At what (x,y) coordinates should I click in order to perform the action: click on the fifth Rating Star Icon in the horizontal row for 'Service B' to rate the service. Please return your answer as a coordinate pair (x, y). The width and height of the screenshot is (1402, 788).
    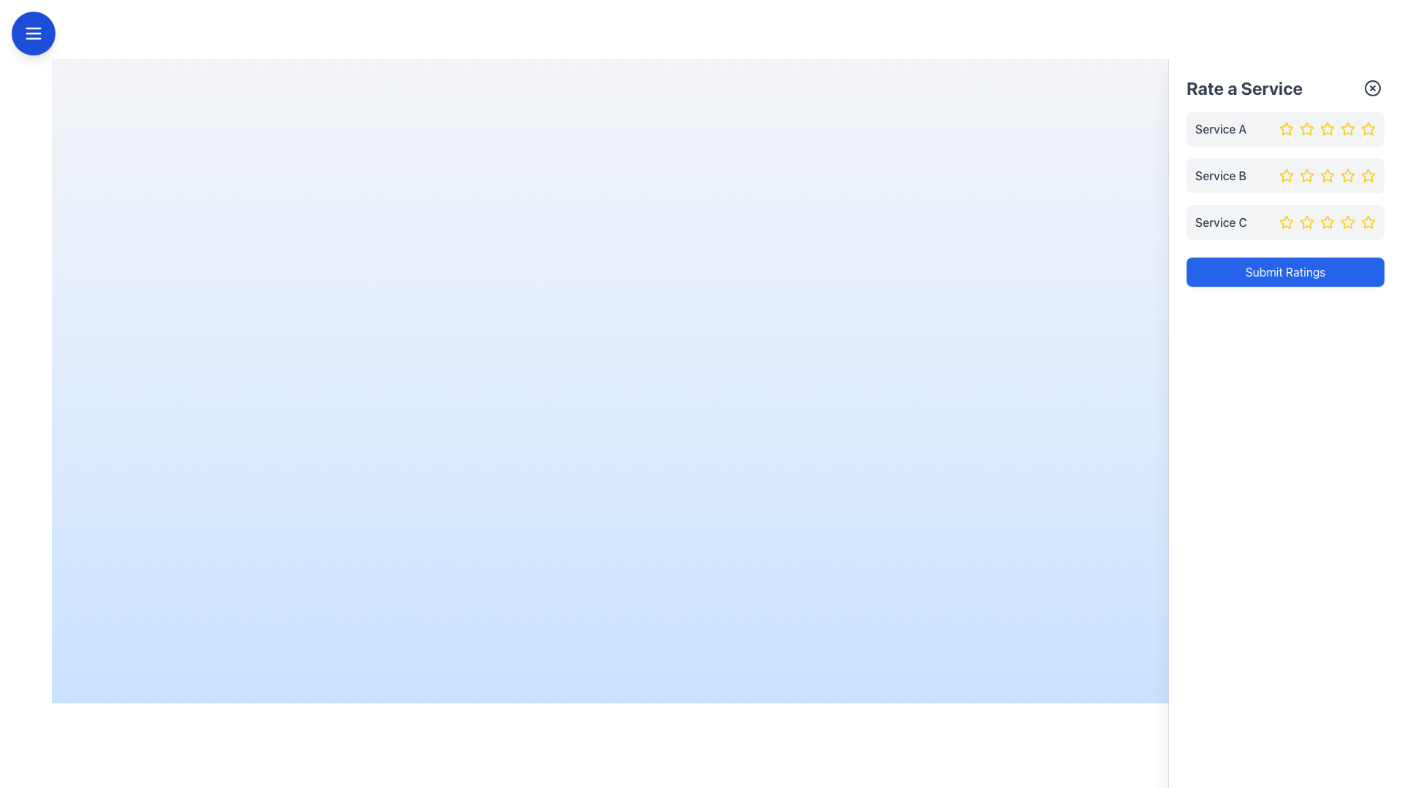
    Looking at the image, I should click on (1367, 174).